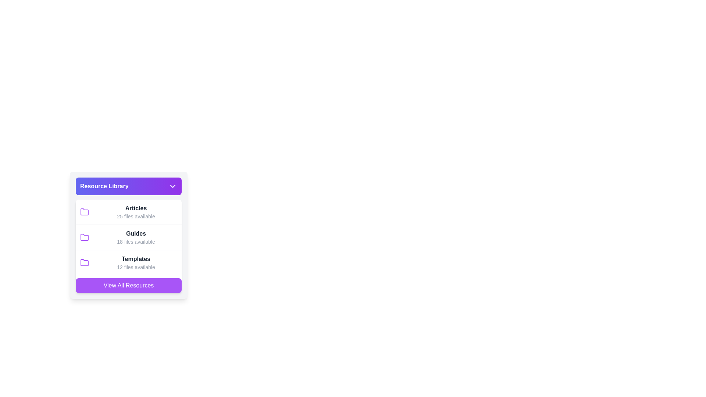 The height and width of the screenshot is (397, 706). I want to click on the folder icon representing the 'Templates' section in the 'Resource Library' dropdown menu, which is the third icon in a vertical series, so click(85, 262).